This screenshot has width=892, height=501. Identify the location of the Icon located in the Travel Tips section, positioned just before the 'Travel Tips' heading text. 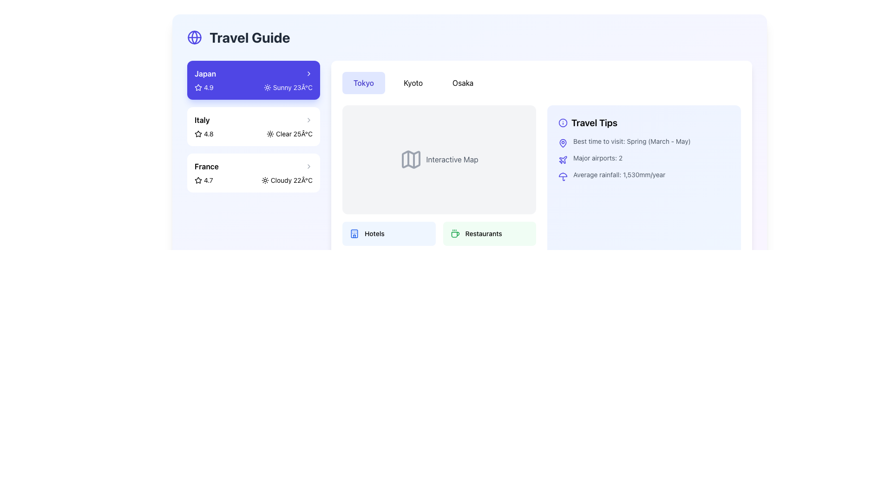
(562, 122).